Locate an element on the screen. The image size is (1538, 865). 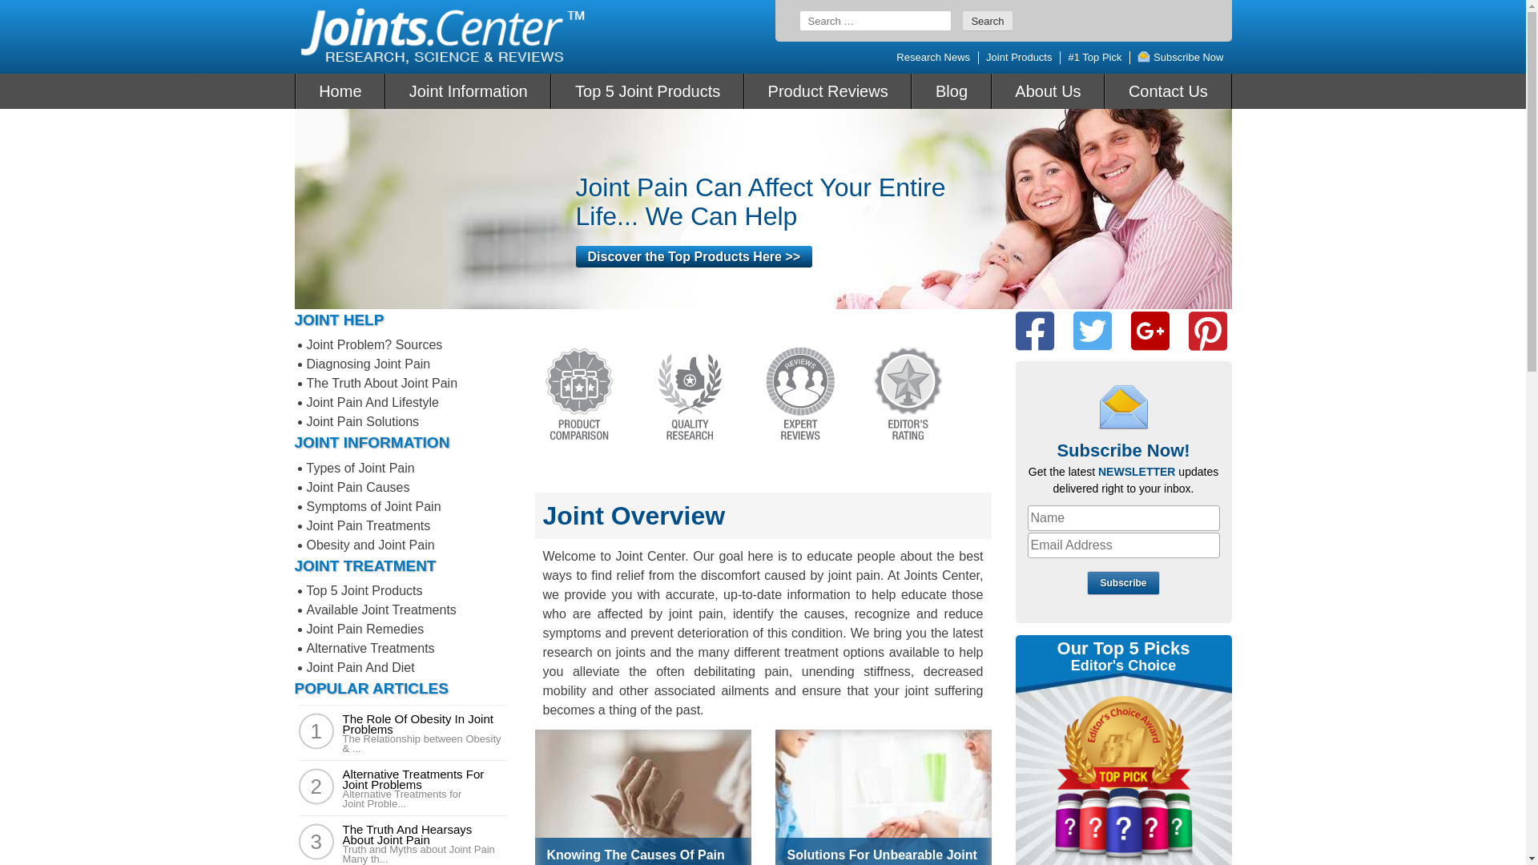
'Joint Pain Remedies' is located at coordinates (306, 628).